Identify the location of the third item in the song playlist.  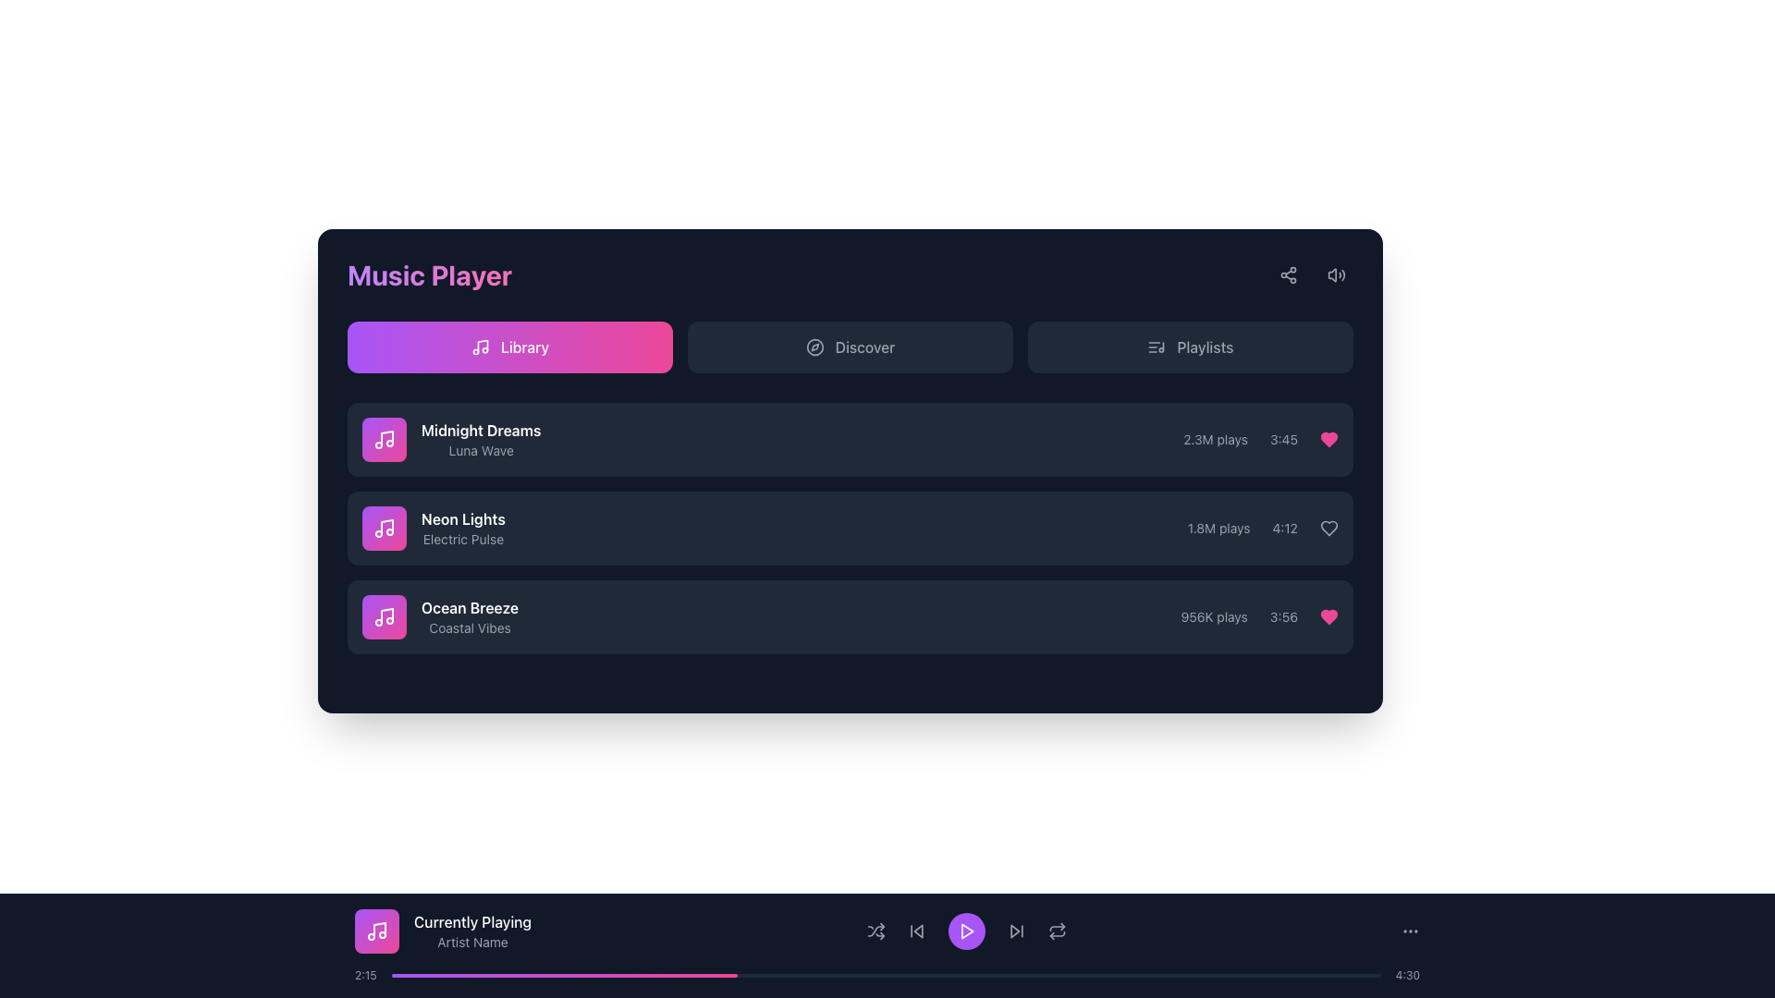
(850, 616).